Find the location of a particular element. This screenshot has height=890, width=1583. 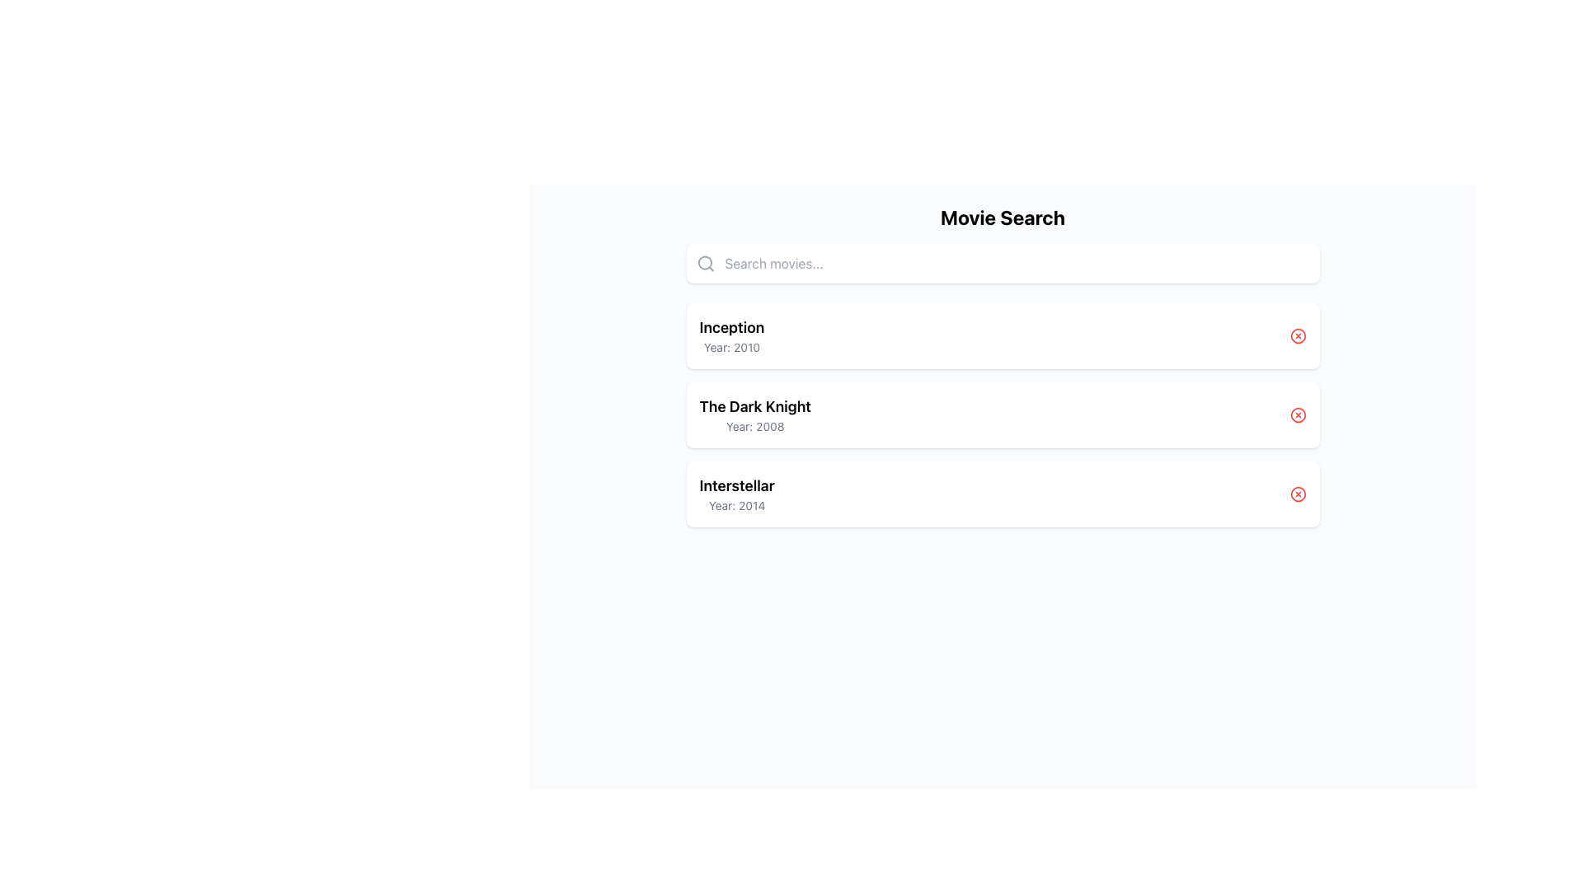

the Text label displaying the release year (2014) of the movie 'Interstellar', which is located beneath the main title in the third movie entry of the vertical list is located at coordinates (736, 504).